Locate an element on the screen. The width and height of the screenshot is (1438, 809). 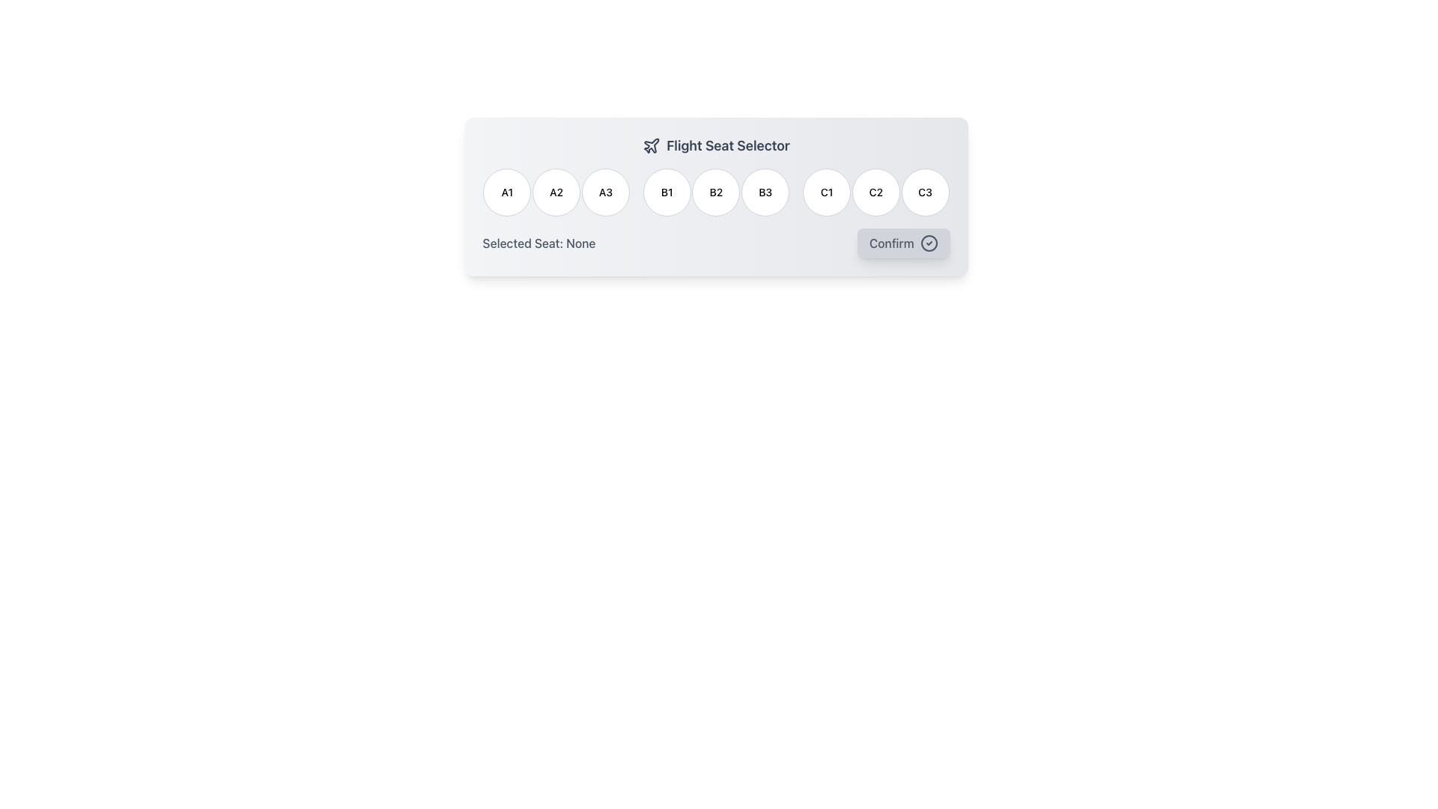
the circular SVG graphical shape located within the Confirm button area at the bottom-right of the interface is located at coordinates (928, 242).